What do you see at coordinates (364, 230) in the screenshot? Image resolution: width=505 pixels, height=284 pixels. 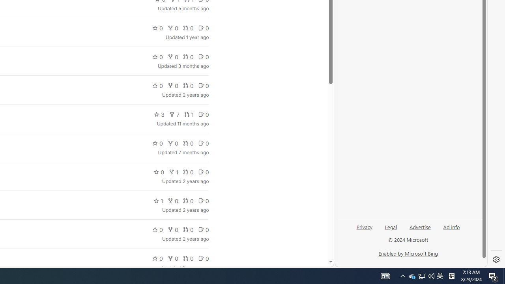 I see `'Privacy'` at bounding box center [364, 230].